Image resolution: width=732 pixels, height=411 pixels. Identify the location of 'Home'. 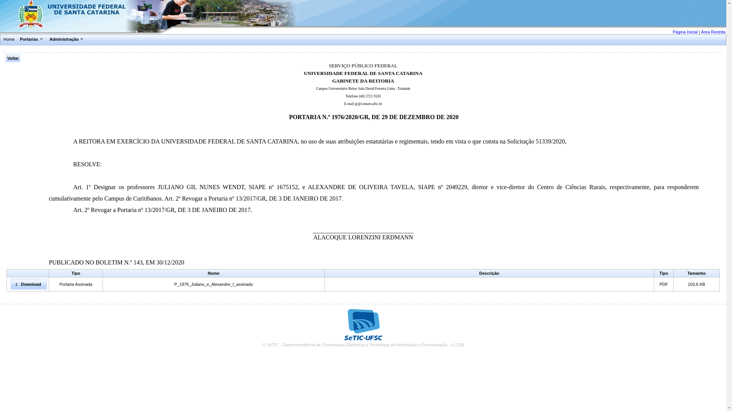
(2, 40).